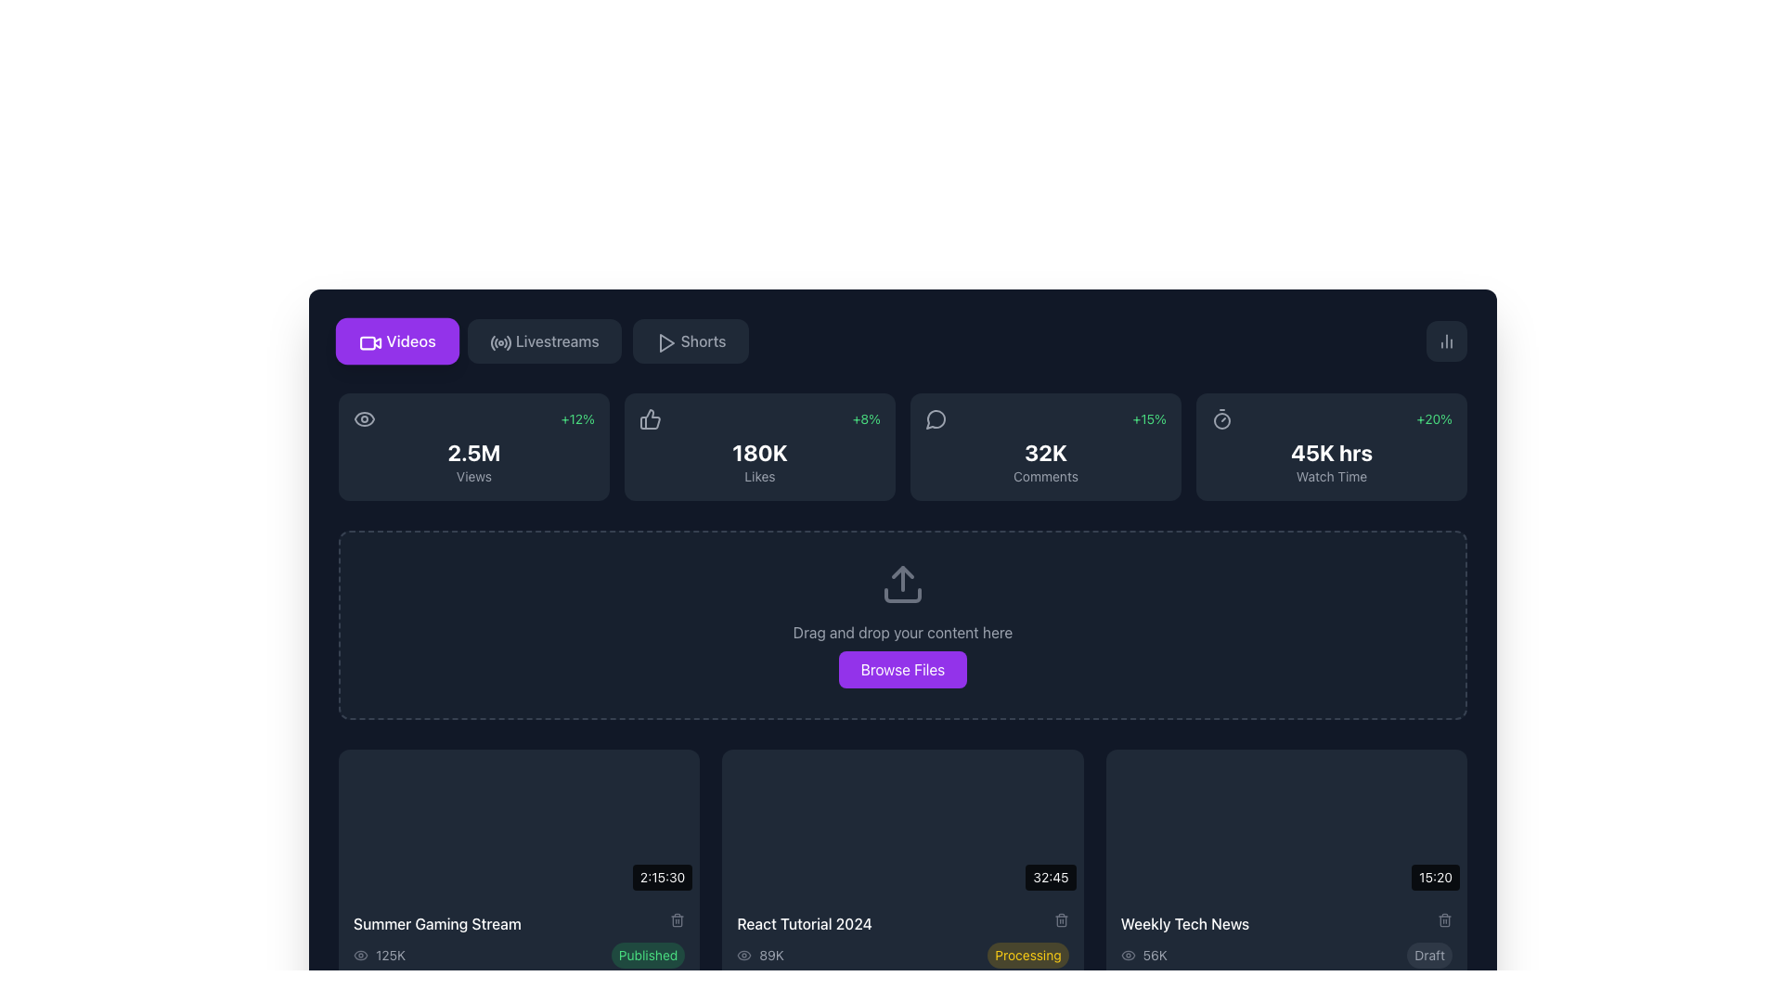  Describe the element at coordinates (690, 340) in the screenshot. I see `the 'Shorts' button, which is a rectangular button with a dark gray background and a play symbol icon on the left, located in the top navigation bar between 'Livestreams' and 'Videos'` at that location.